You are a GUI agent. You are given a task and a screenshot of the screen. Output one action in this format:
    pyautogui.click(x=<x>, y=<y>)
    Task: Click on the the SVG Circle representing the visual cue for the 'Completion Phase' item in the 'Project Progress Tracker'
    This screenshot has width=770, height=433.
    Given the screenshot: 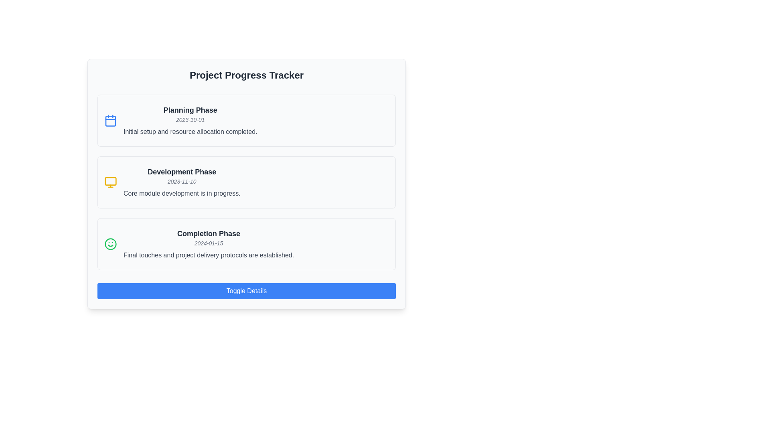 What is the action you would take?
    pyautogui.click(x=110, y=244)
    